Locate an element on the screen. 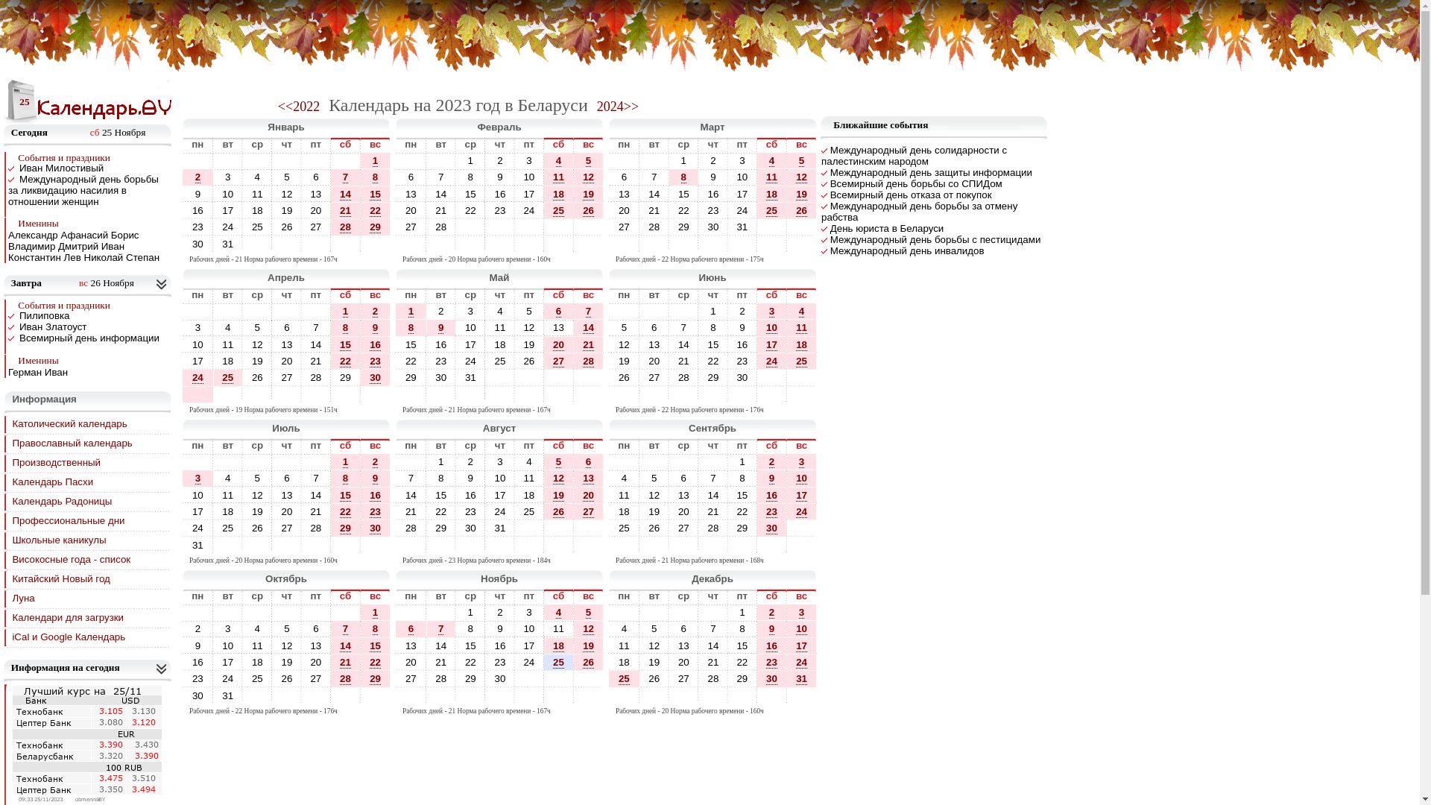  '3' is located at coordinates (213, 176).